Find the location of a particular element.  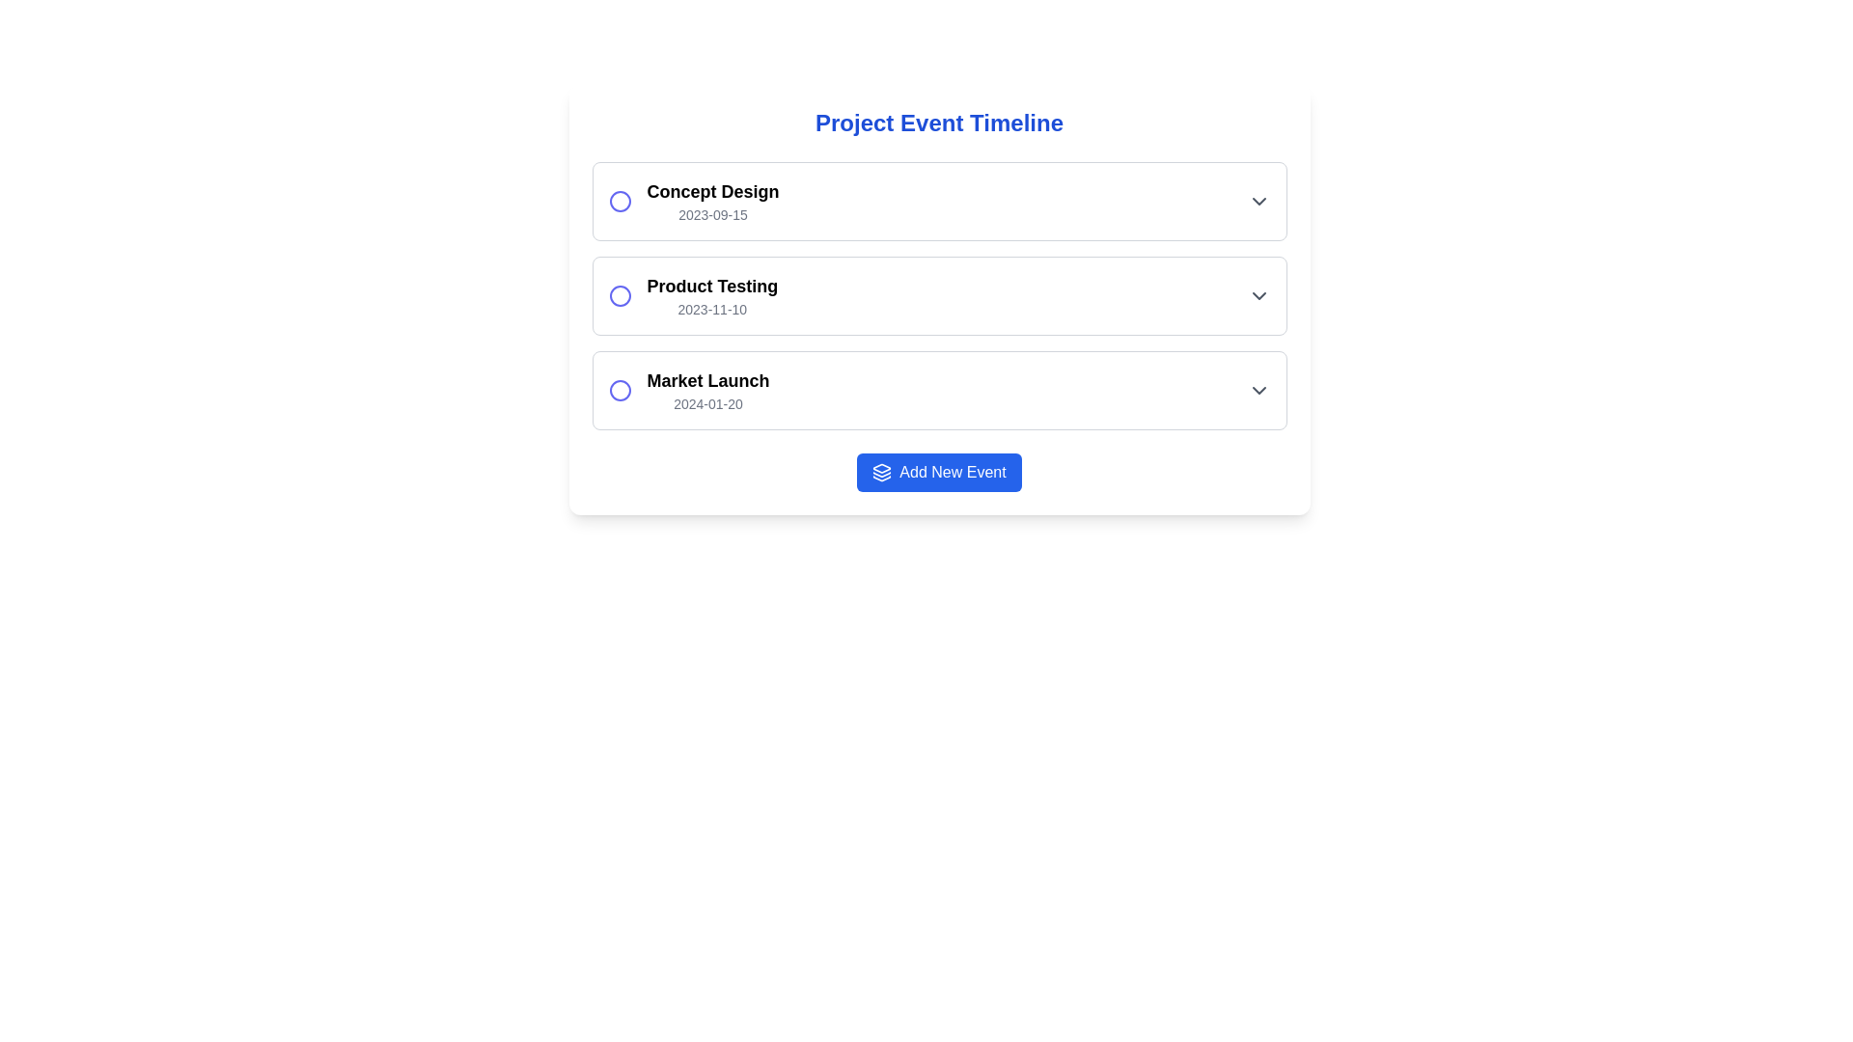

the radio button located to the left of the 'Product Testing' title in the second row of the vertical list of events is located at coordinates (620, 296).